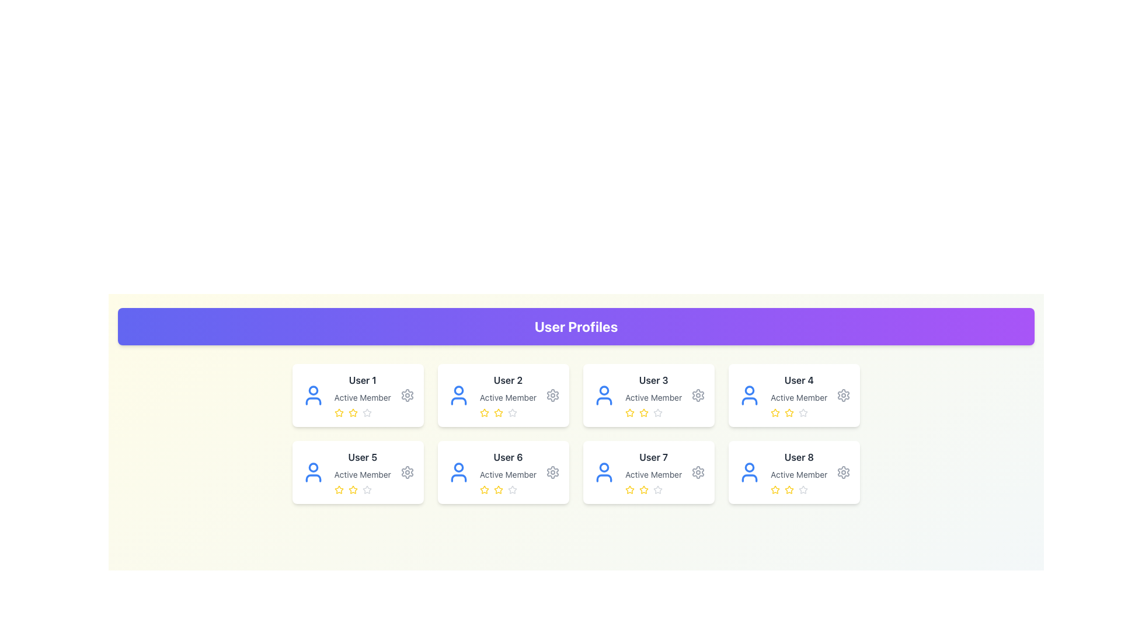  I want to click on the gear-shaped icon located in the top-right corner of the 'User 3' panel, so click(698, 395).